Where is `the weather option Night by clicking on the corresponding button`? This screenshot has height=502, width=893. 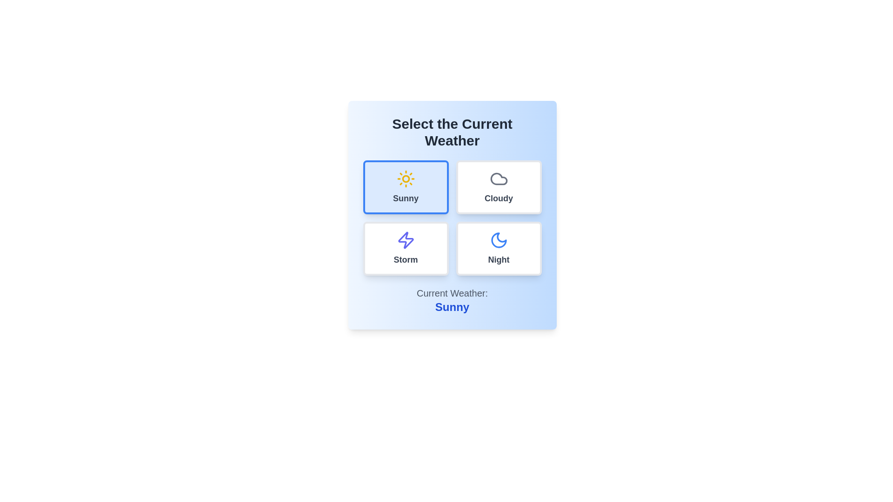 the weather option Night by clicking on the corresponding button is located at coordinates (498, 248).